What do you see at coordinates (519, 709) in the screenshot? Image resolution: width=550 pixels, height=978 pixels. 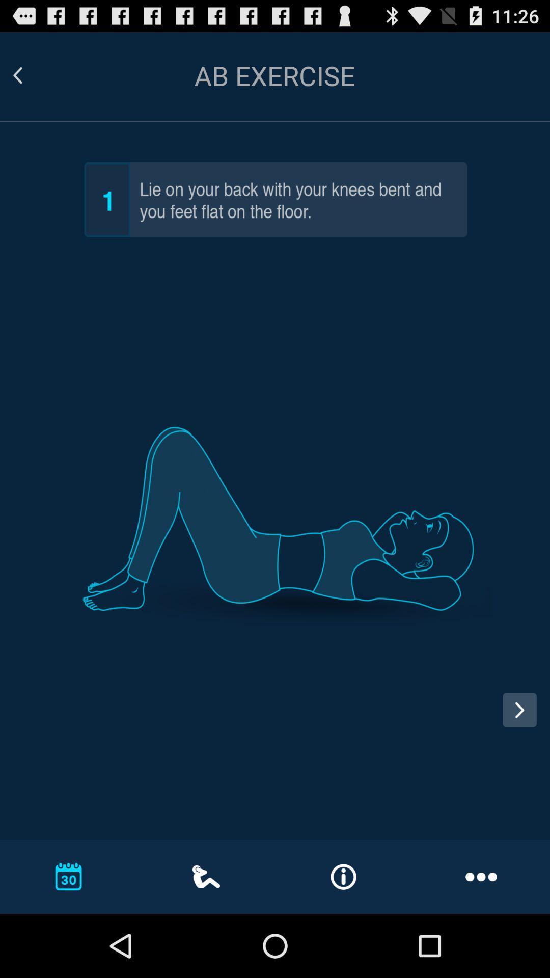 I see `go forward` at bounding box center [519, 709].